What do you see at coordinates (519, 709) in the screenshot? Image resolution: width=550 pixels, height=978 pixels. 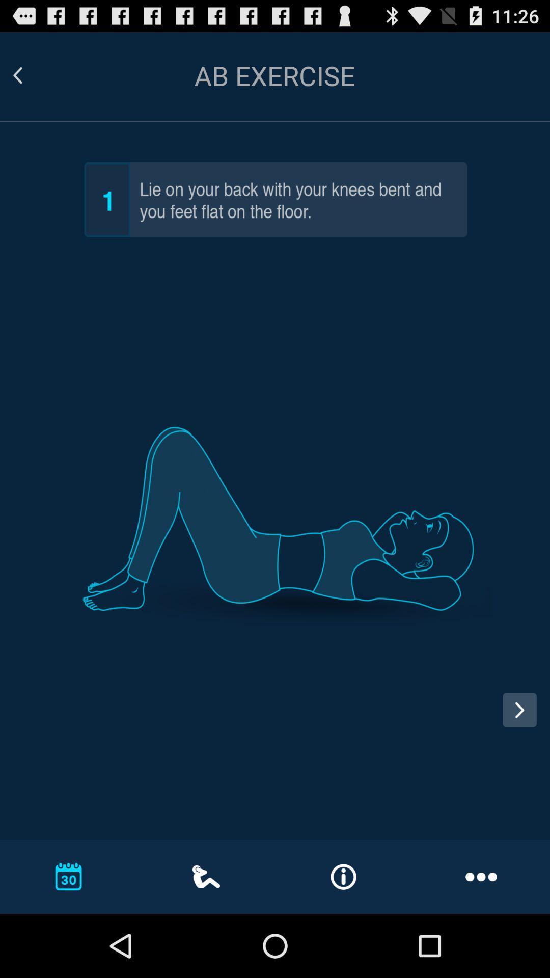 I see `go forward` at bounding box center [519, 709].